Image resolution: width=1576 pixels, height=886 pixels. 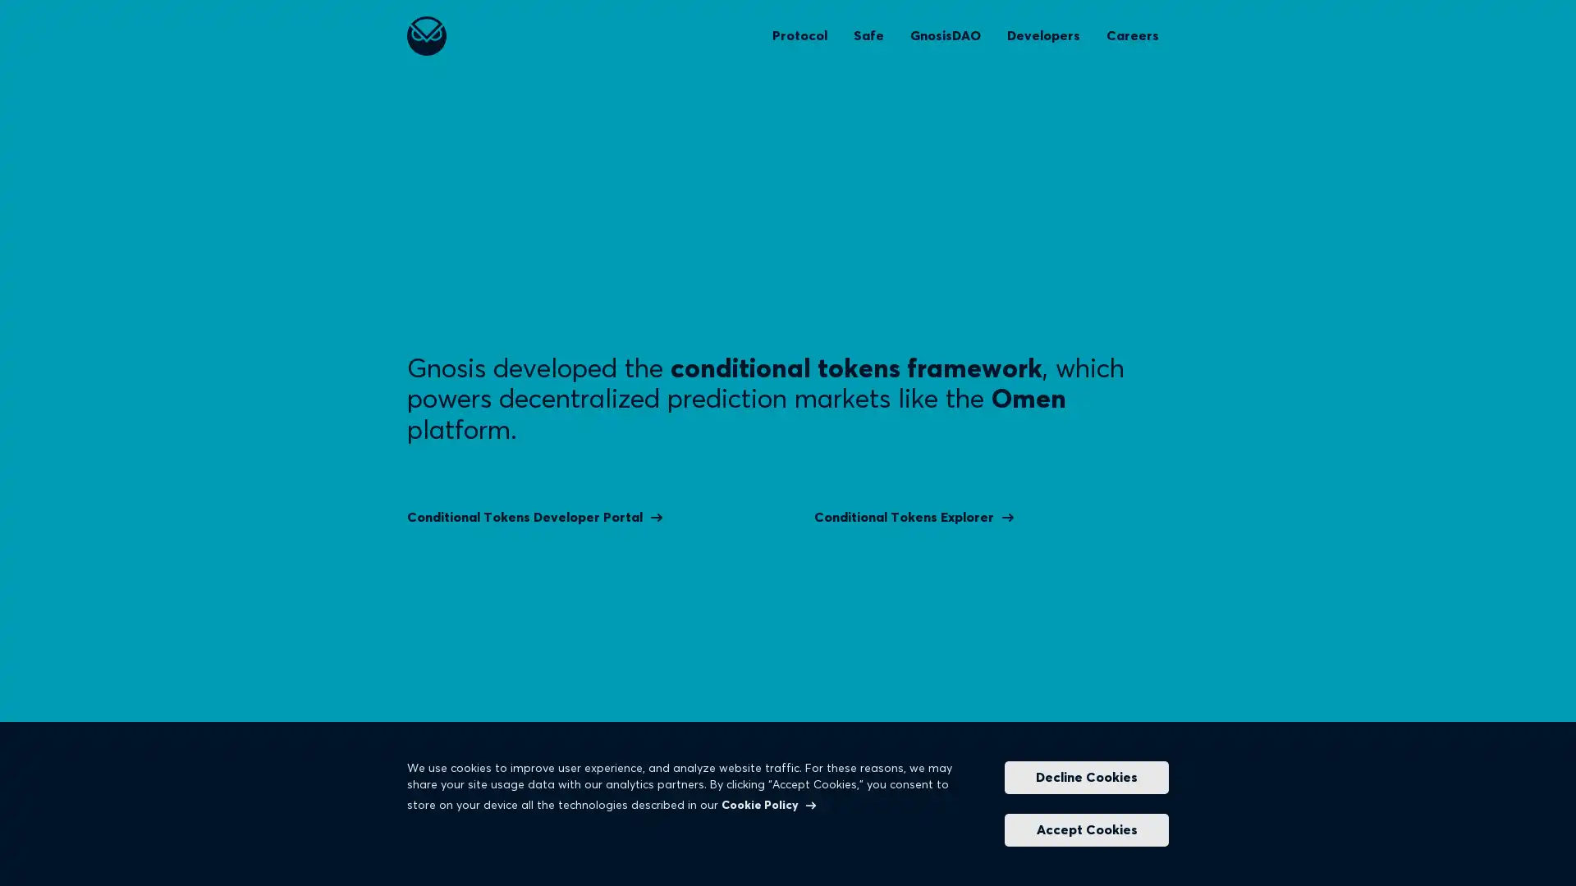 What do you see at coordinates (1087, 777) in the screenshot?
I see `Decline Cookies` at bounding box center [1087, 777].